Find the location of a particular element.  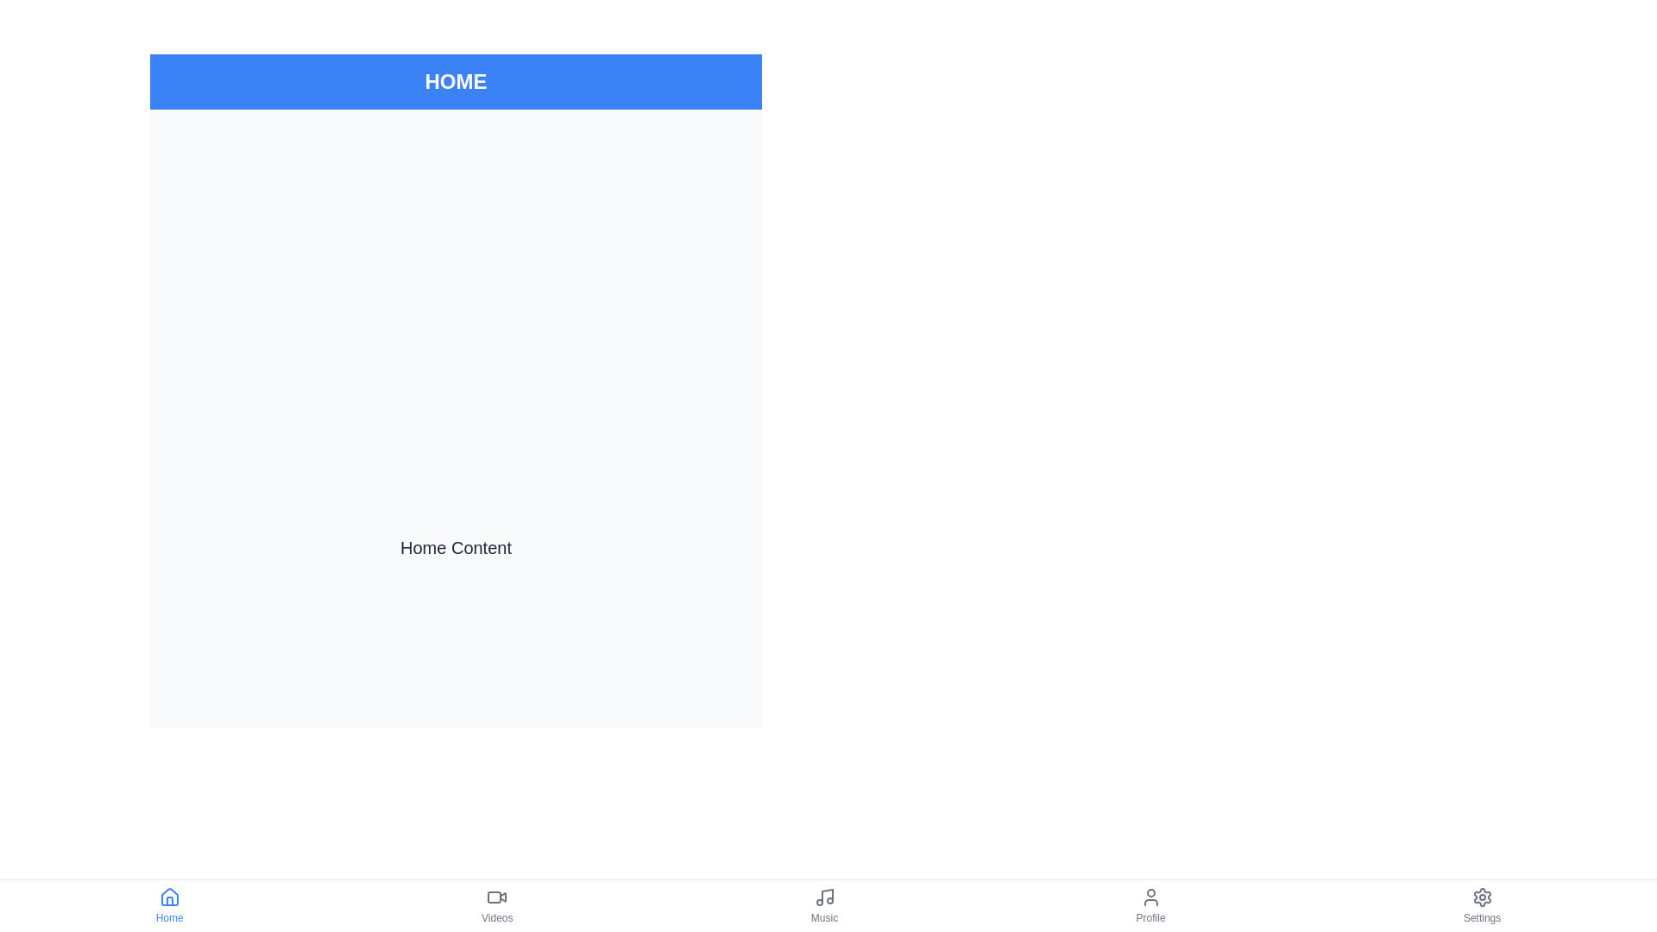

the rectangular video camera icon located in the second tab from the left in the bottom navigation bar is located at coordinates (494, 897).